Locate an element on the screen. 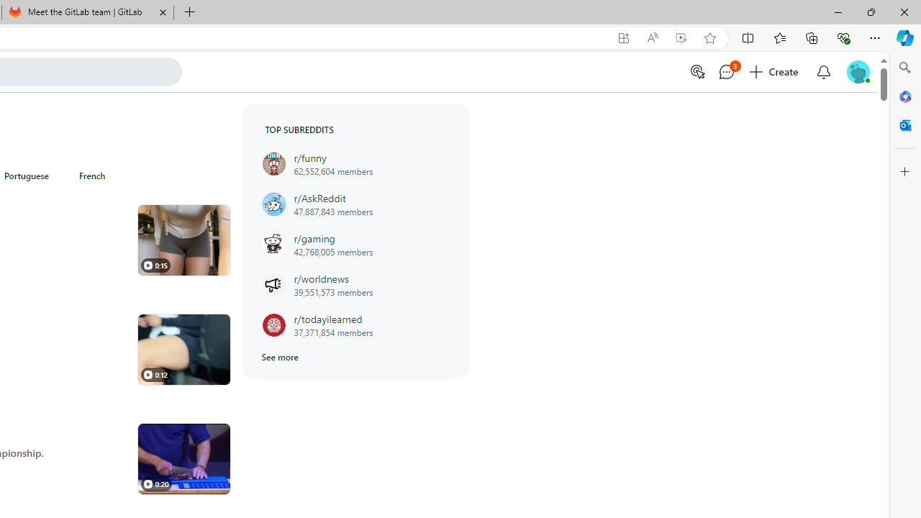 The width and height of the screenshot is (921, 518). 'r/funny 62,552,604 members' is located at coordinates (355, 163).